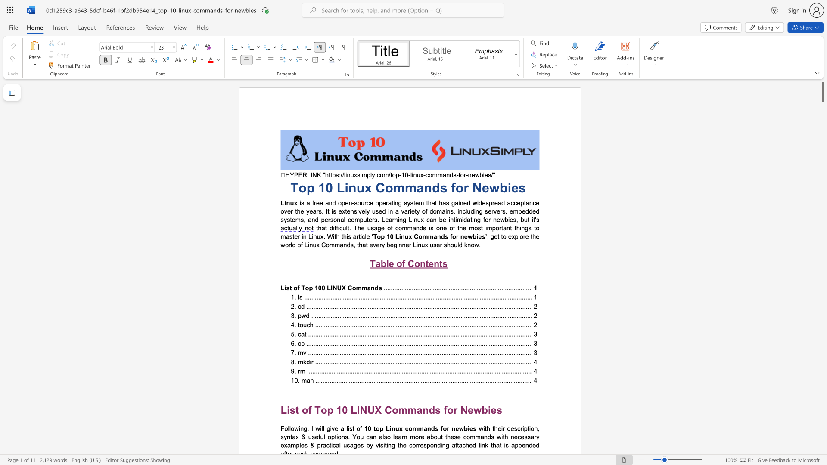 Image resolution: width=827 pixels, height=465 pixels. I want to click on the 4th character "m" in the text, so click(298, 219).